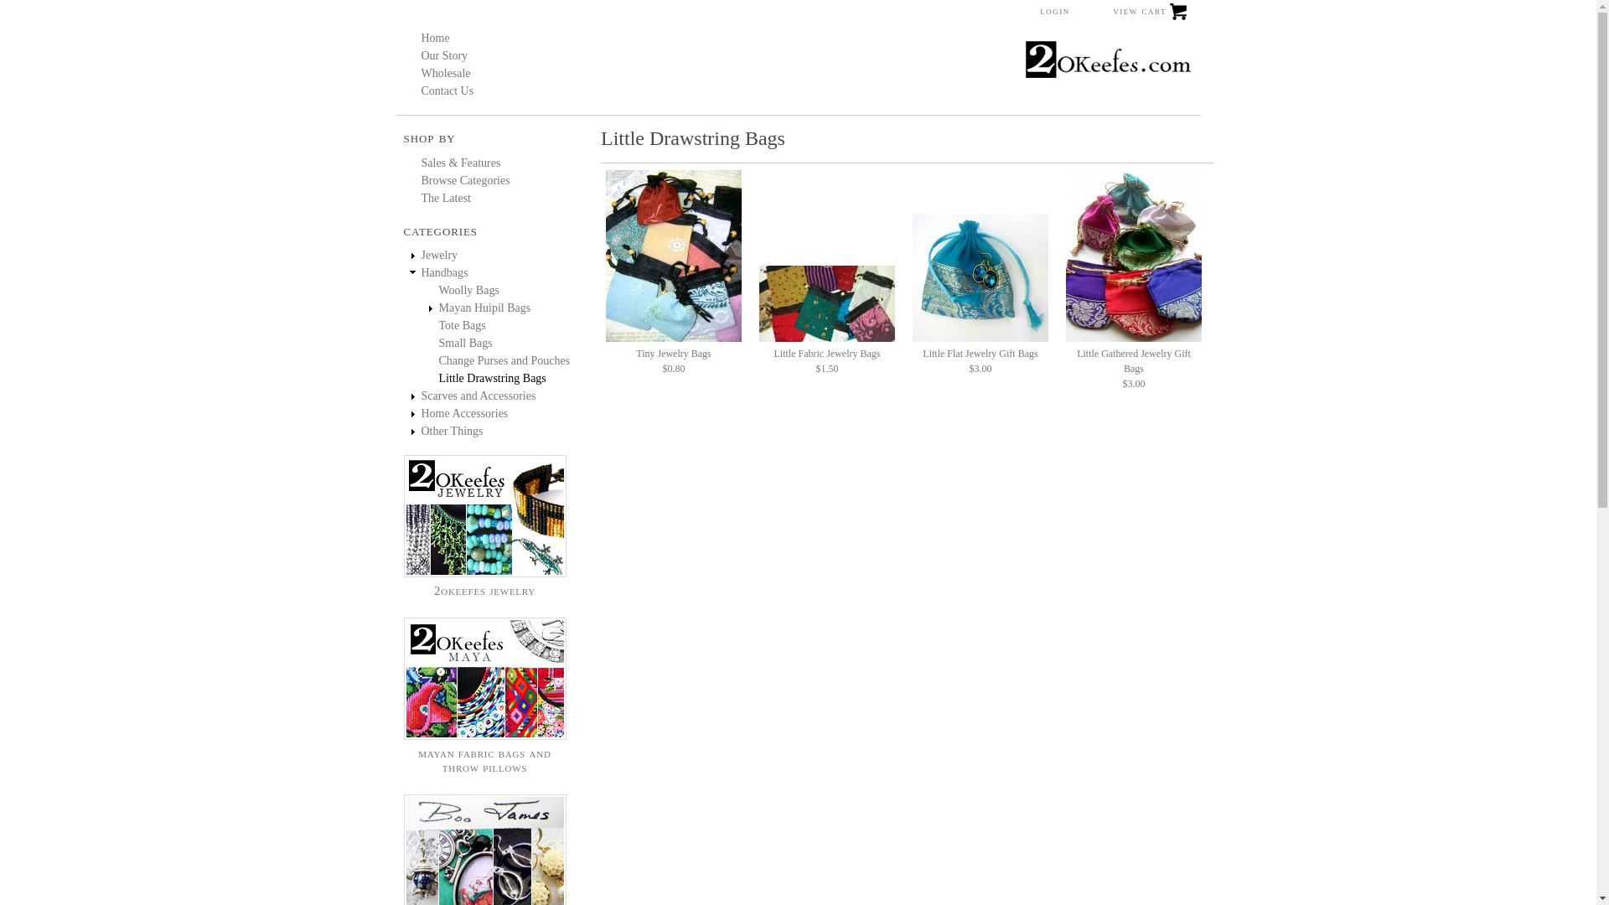 The width and height of the screenshot is (1609, 905). What do you see at coordinates (438, 255) in the screenshot?
I see `'Jewelry'` at bounding box center [438, 255].